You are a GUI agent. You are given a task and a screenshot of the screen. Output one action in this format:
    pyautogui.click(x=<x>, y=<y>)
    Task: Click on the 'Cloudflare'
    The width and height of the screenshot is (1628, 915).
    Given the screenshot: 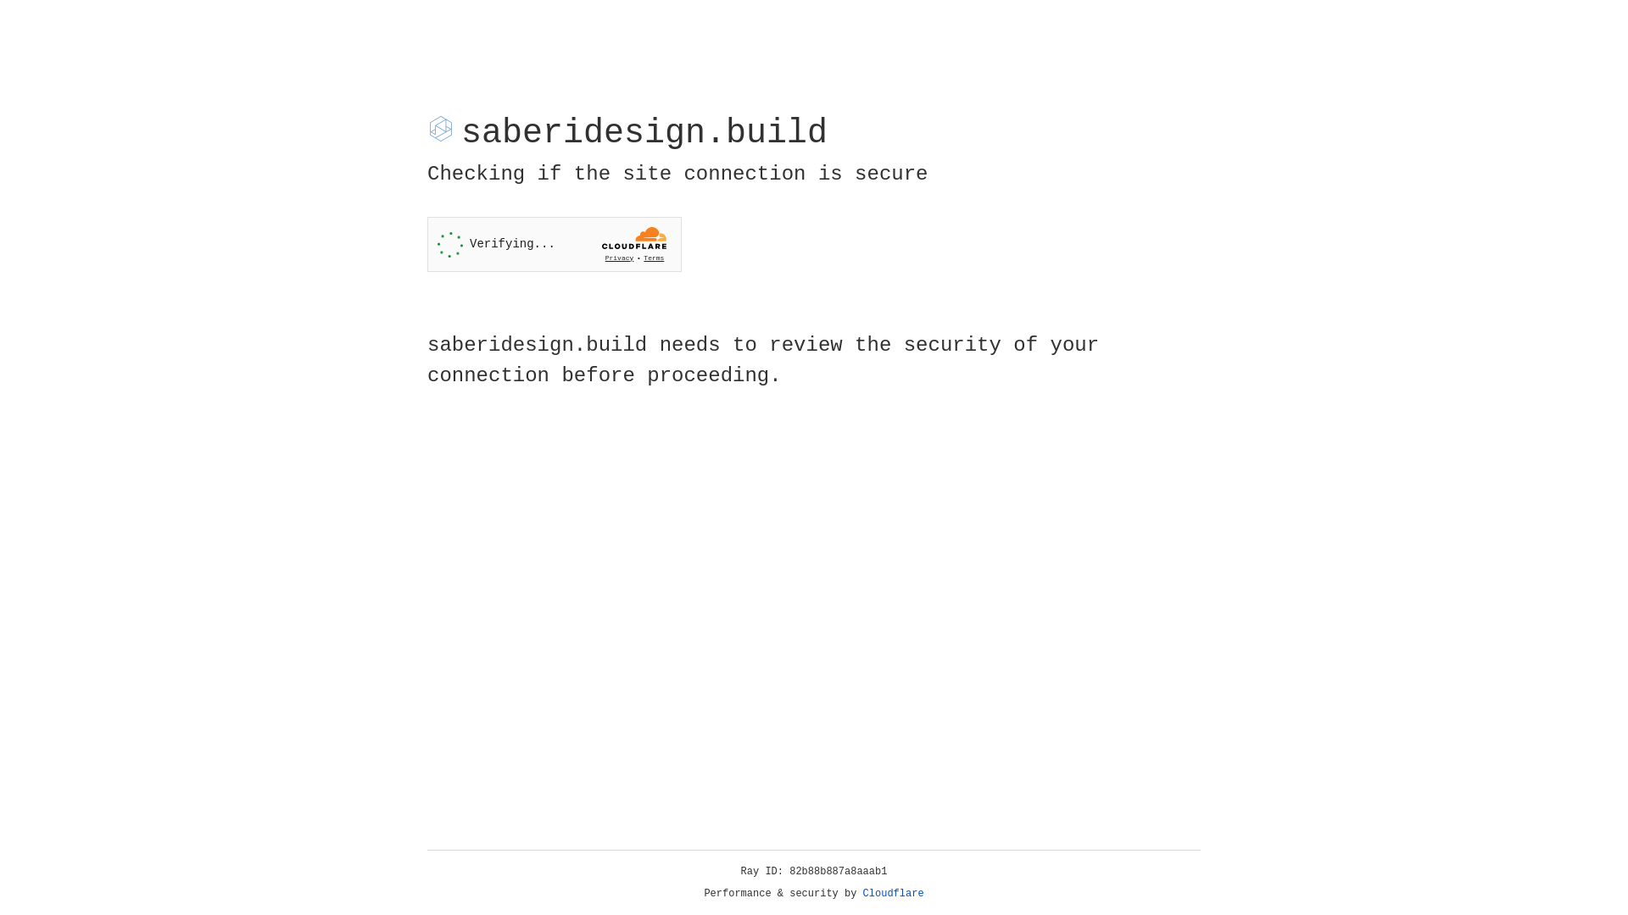 What is the action you would take?
    pyautogui.click(x=862, y=893)
    